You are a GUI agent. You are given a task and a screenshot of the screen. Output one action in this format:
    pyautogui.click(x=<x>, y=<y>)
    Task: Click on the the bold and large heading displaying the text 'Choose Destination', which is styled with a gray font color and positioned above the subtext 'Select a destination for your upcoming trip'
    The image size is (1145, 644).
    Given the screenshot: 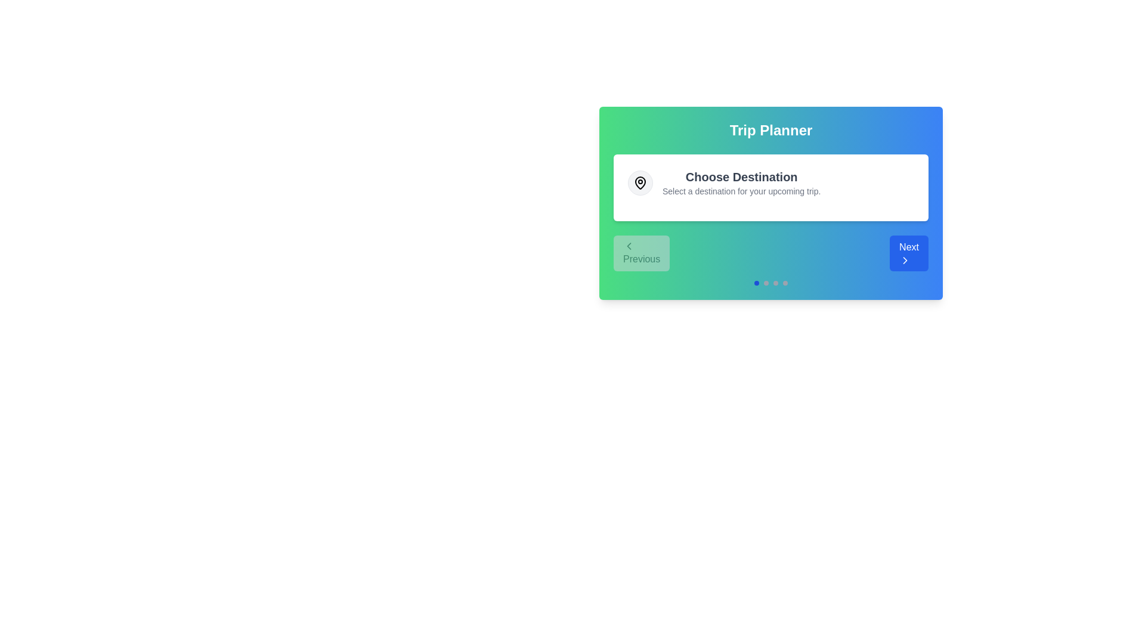 What is the action you would take?
    pyautogui.click(x=741, y=177)
    